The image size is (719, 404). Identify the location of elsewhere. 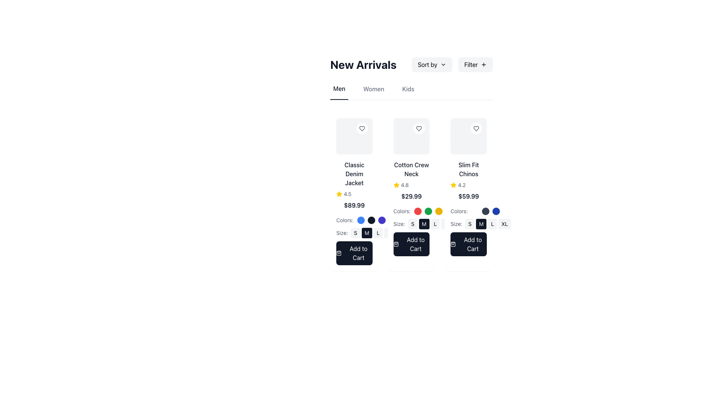
(354, 193).